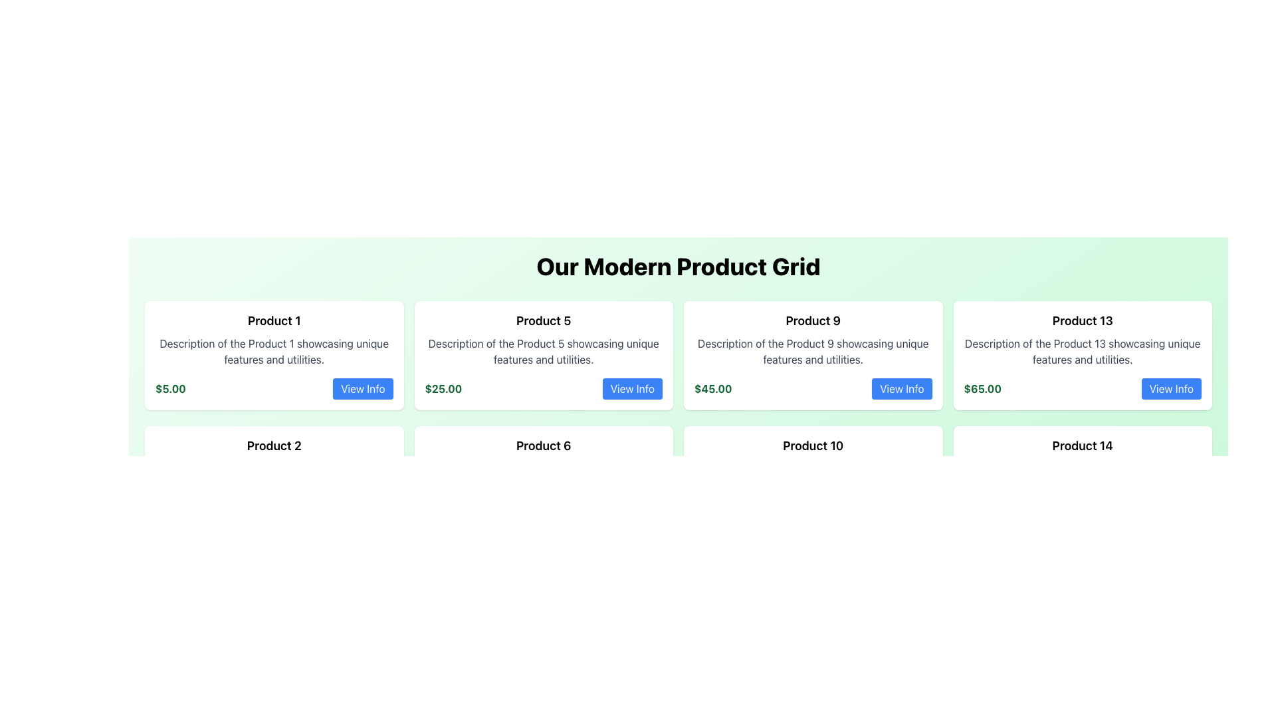 The image size is (1276, 718). What do you see at coordinates (1083, 320) in the screenshot?
I see `the text label displaying 'Product 13', which is prominently positioned at the top of its card layout` at bounding box center [1083, 320].